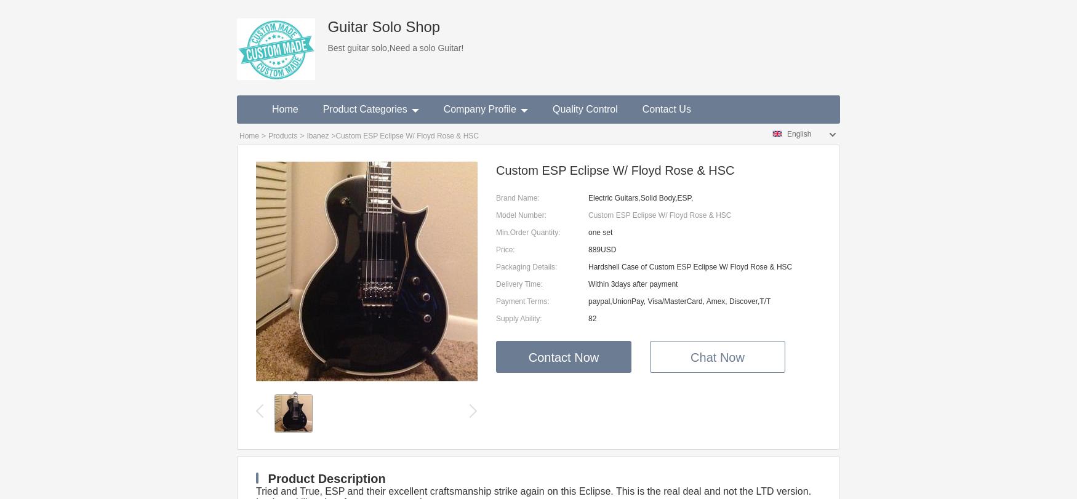 This screenshot has height=499, width=1077. Describe the element at coordinates (519, 284) in the screenshot. I see `'Delivery Time:'` at that location.